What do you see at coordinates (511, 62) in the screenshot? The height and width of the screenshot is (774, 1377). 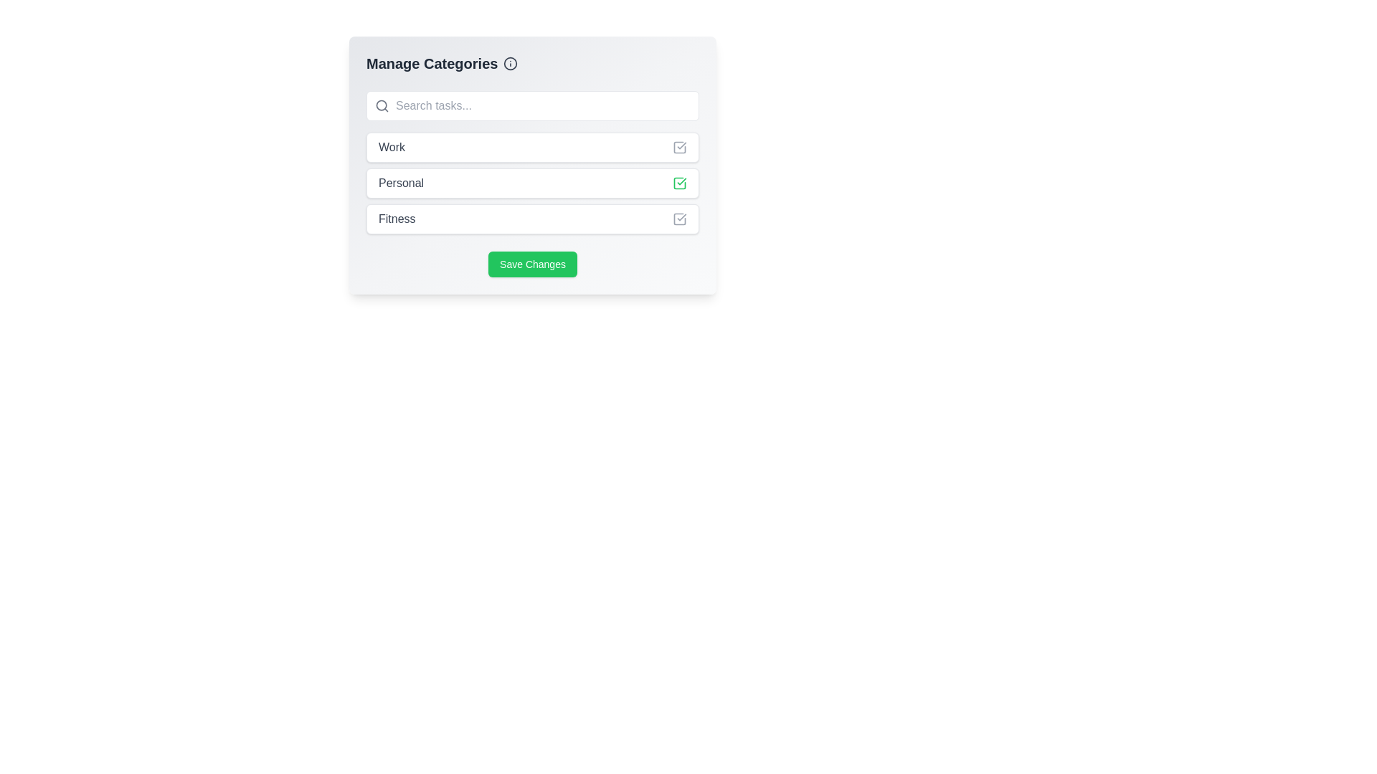 I see `the Information icon button, which is a circular gray icon with an 'i' in the center, located near the right edge of the 'Manage Categories' header` at bounding box center [511, 62].